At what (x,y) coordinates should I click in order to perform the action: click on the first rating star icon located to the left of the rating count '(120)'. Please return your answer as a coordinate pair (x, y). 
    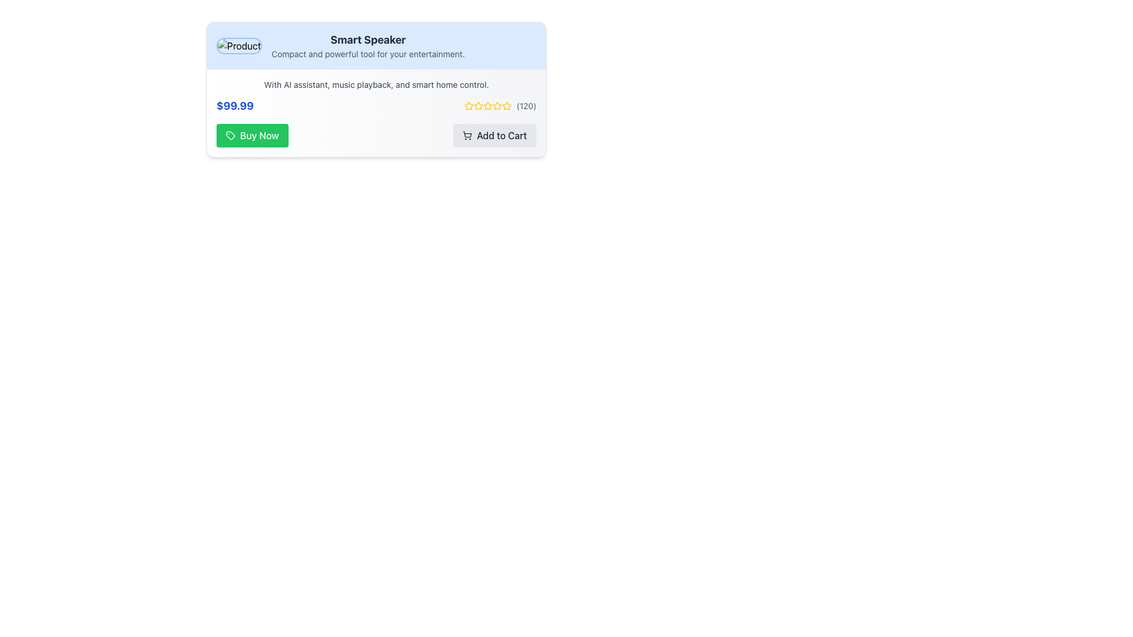
    Looking at the image, I should click on (469, 106).